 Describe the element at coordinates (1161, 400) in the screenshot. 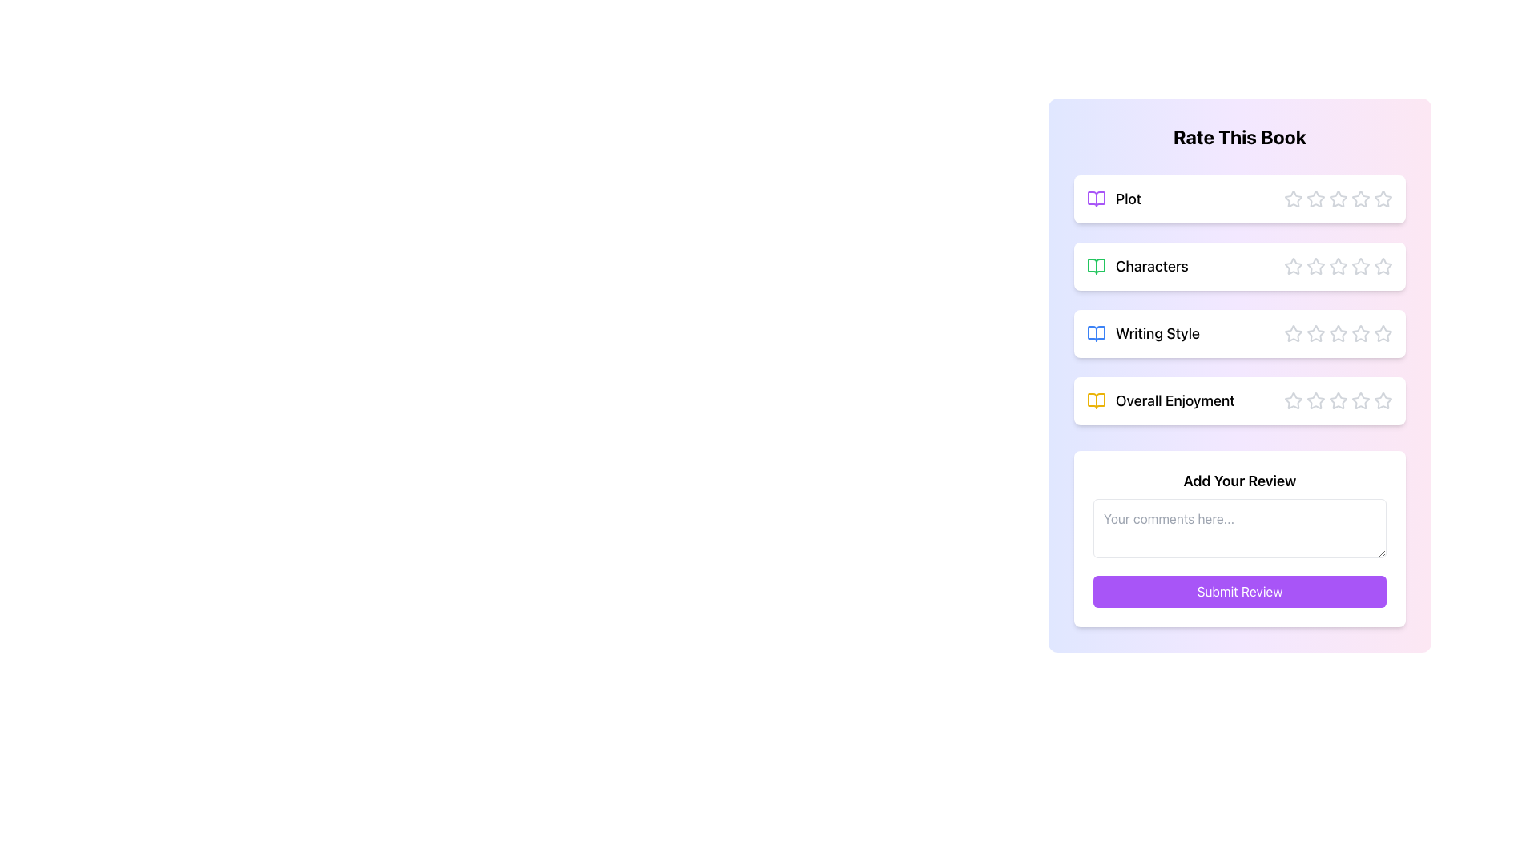

I see `the label displaying 'Overall Enjoyment' which is located beside a yellow book icon, positioned below the 'Writing Style' row and above the star rating controls` at that location.